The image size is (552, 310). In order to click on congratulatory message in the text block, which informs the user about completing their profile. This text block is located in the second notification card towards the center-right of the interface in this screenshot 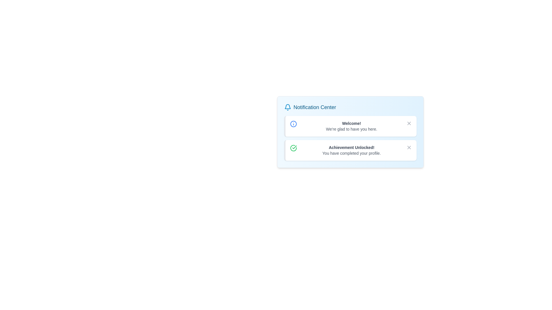, I will do `click(351, 150)`.